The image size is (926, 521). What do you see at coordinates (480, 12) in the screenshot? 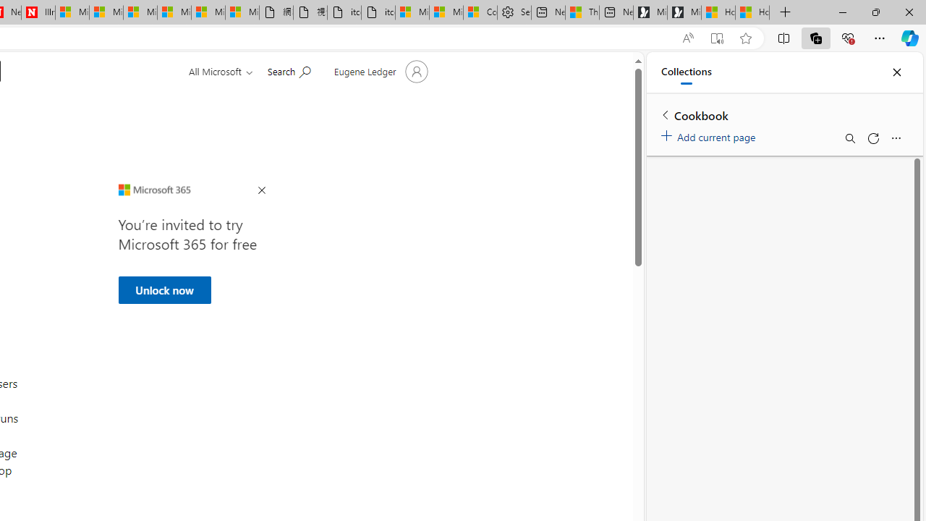
I see `'Consumer Health Data Privacy Policy'` at bounding box center [480, 12].